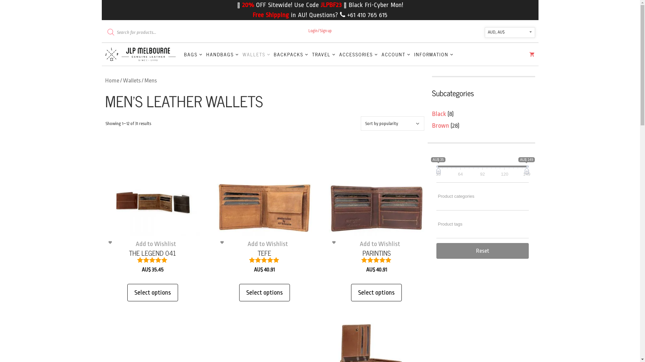  I want to click on 'Reset', so click(482, 250).